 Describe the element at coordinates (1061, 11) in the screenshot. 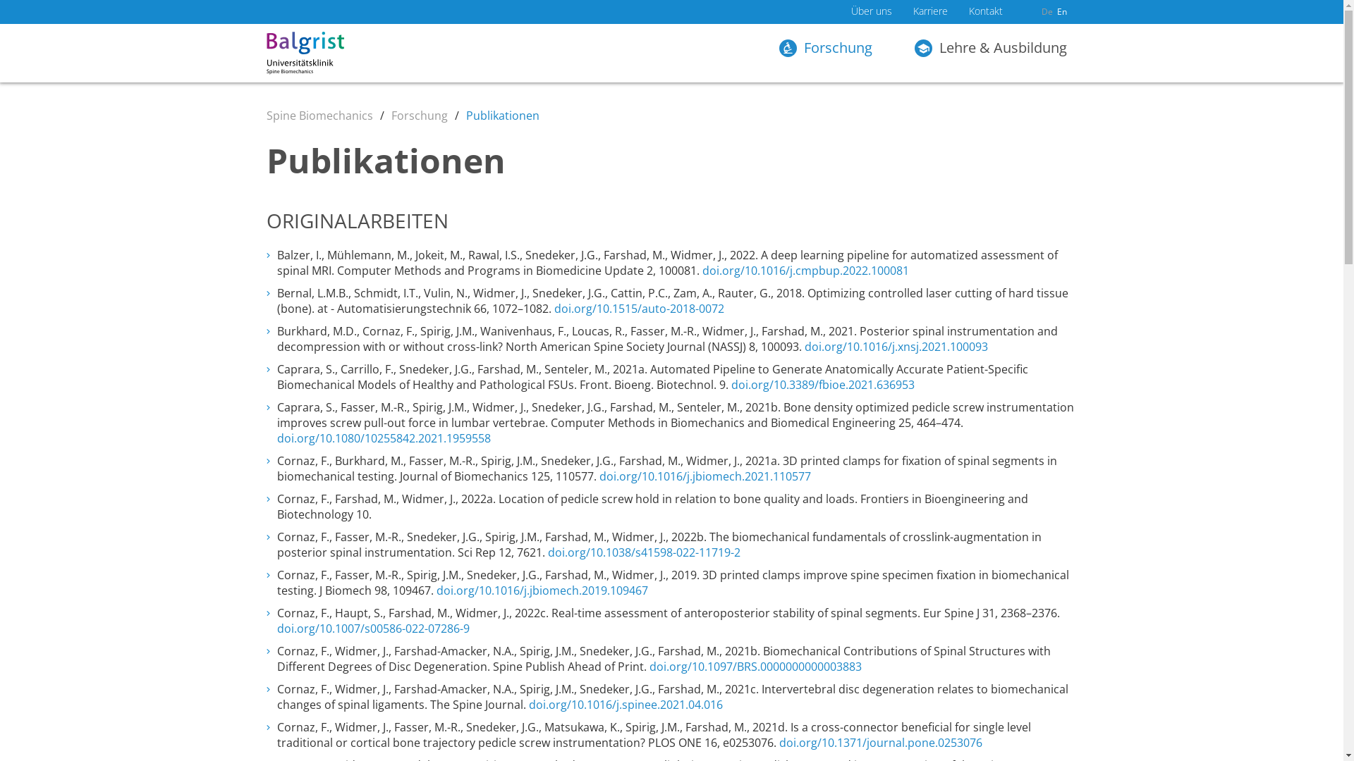

I see `'En'` at that location.